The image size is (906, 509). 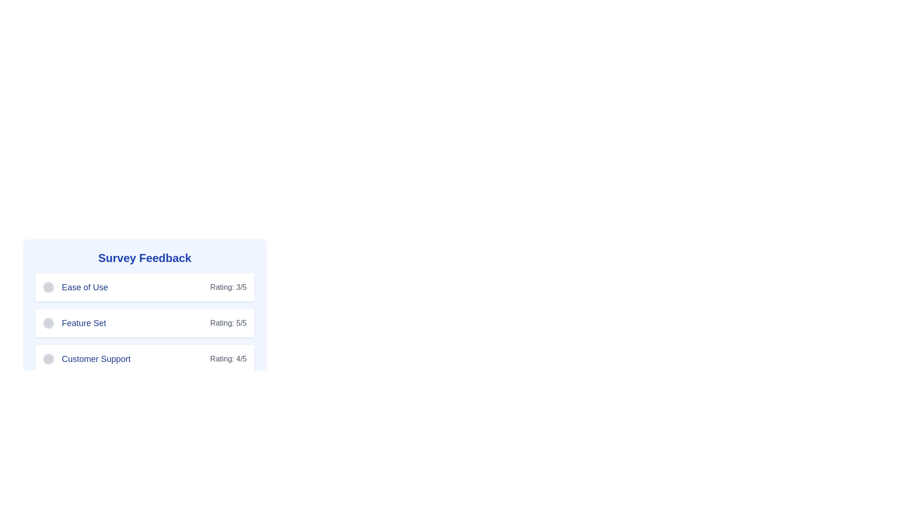 What do you see at coordinates (85, 287) in the screenshot?
I see `the descriptive Text Label in the survey feedback form that informs users about ease of use, positioned centrally between a gray circular icon and a numerical rating` at bounding box center [85, 287].